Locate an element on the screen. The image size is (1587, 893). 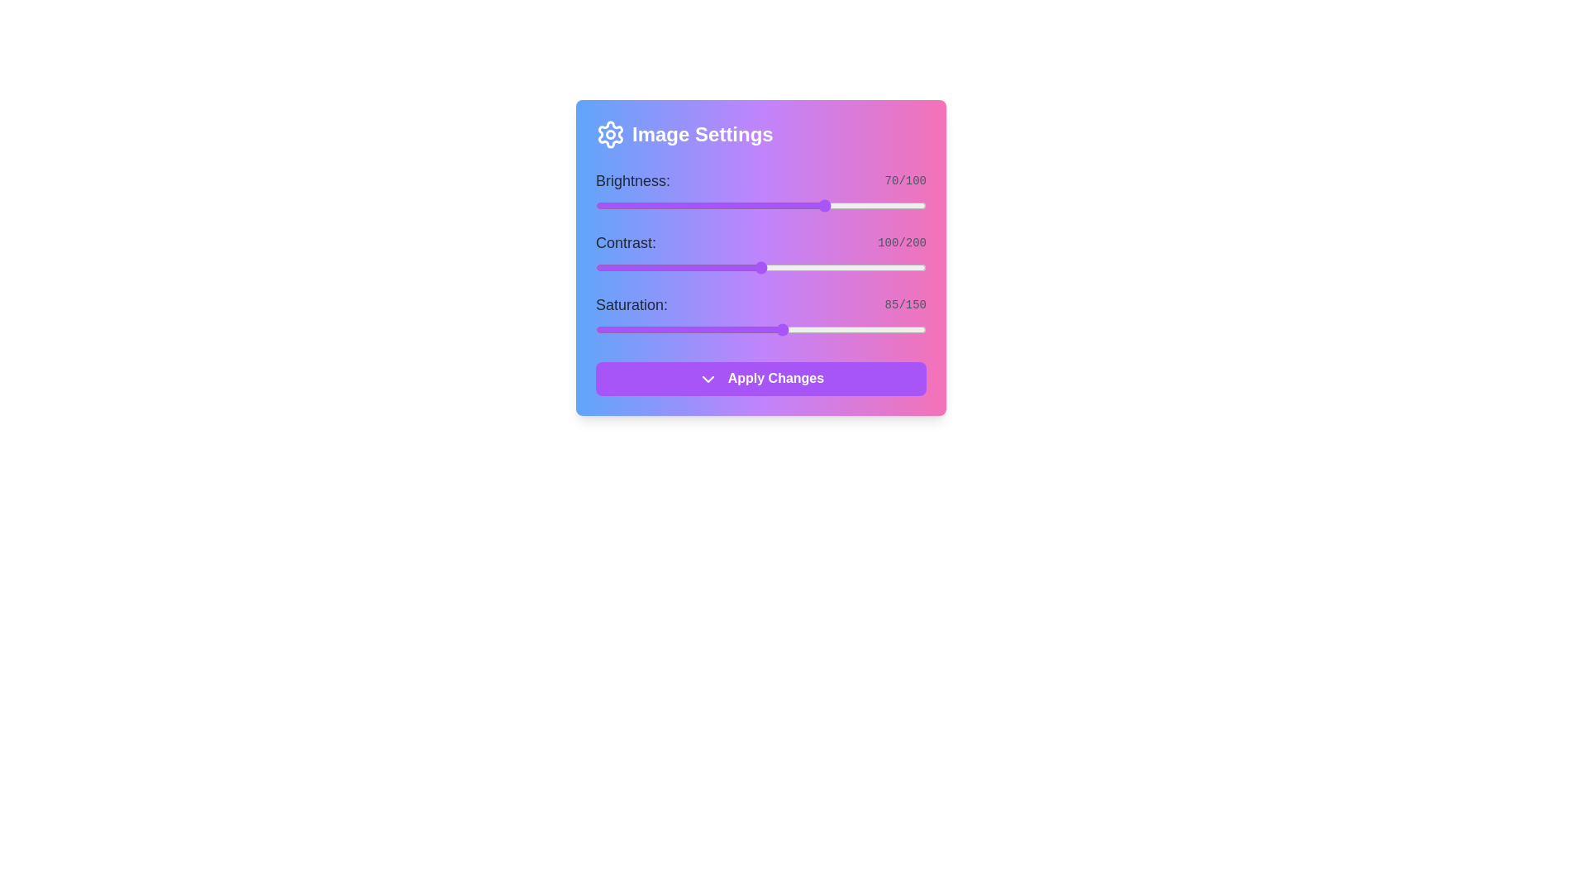
the saturation slider to 137 level is located at coordinates (897, 329).